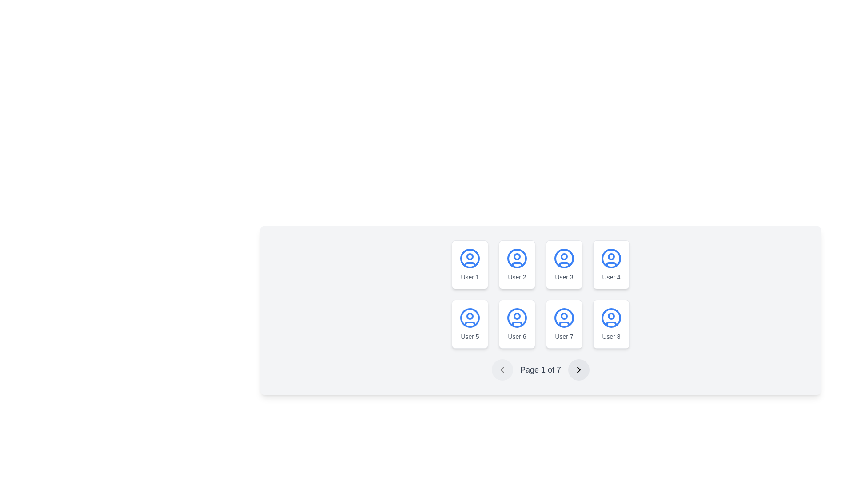 This screenshot has width=853, height=479. Describe the element at coordinates (564, 264) in the screenshot. I see `the bottom semicircular arc of the user profile icon for 'User 3'` at that location.